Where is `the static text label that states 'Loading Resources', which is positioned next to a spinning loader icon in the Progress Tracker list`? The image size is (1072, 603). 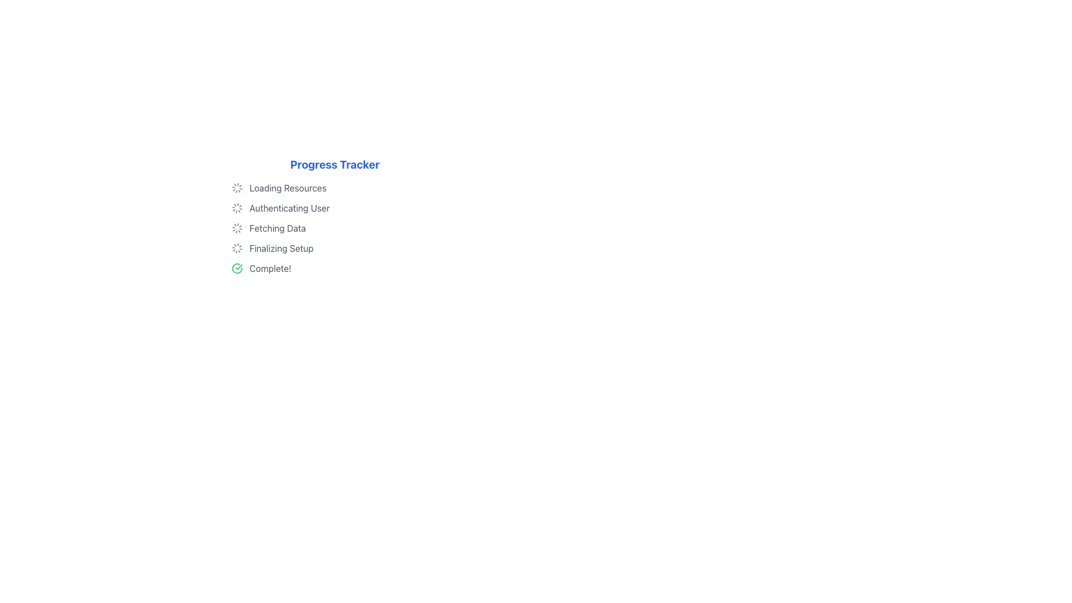
the static text label that states 'Loading Resources', which is positioned next to a spinning loader icon in the Progress Tracker list is located at coordinates (288, 187).